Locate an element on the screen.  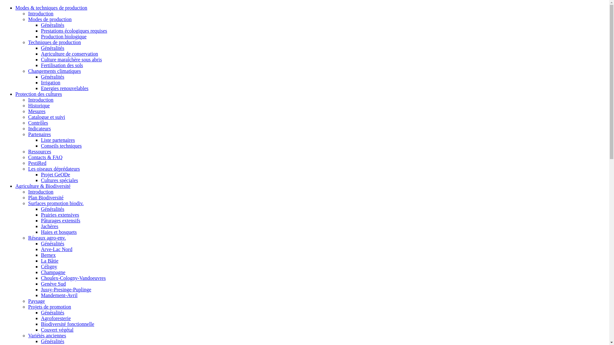
'Conseils techniques' is located at coordinates (61, 146).